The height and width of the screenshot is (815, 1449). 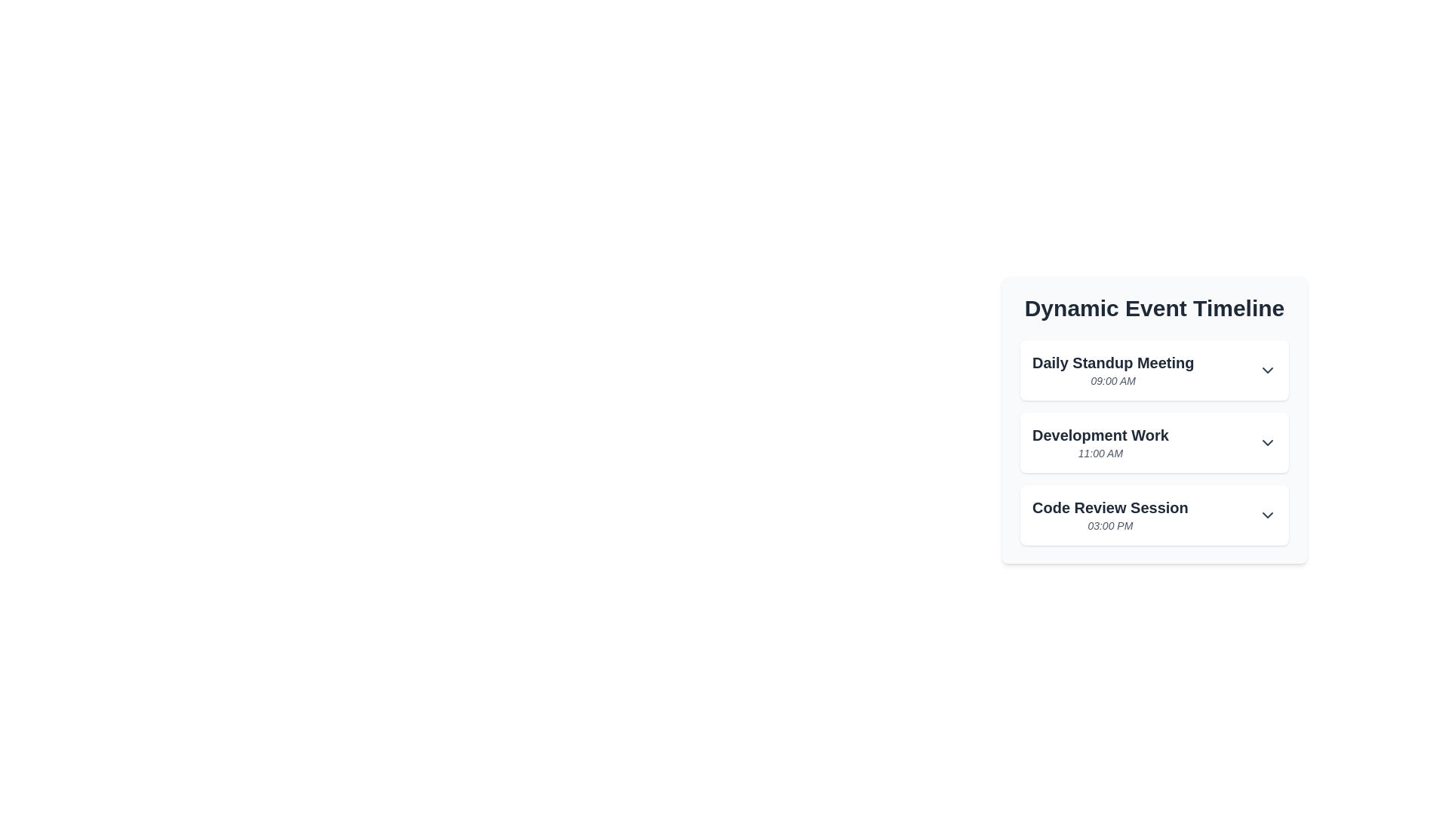 What do you see at coordinates (1113, 370) in the screenshot?
I see `the text display component that shows the event information for the 'Daily Standup Meeting', which is the first entry in the list within the 'Dynamic Event Timeline' panel` at bounding box center [1113, 370].